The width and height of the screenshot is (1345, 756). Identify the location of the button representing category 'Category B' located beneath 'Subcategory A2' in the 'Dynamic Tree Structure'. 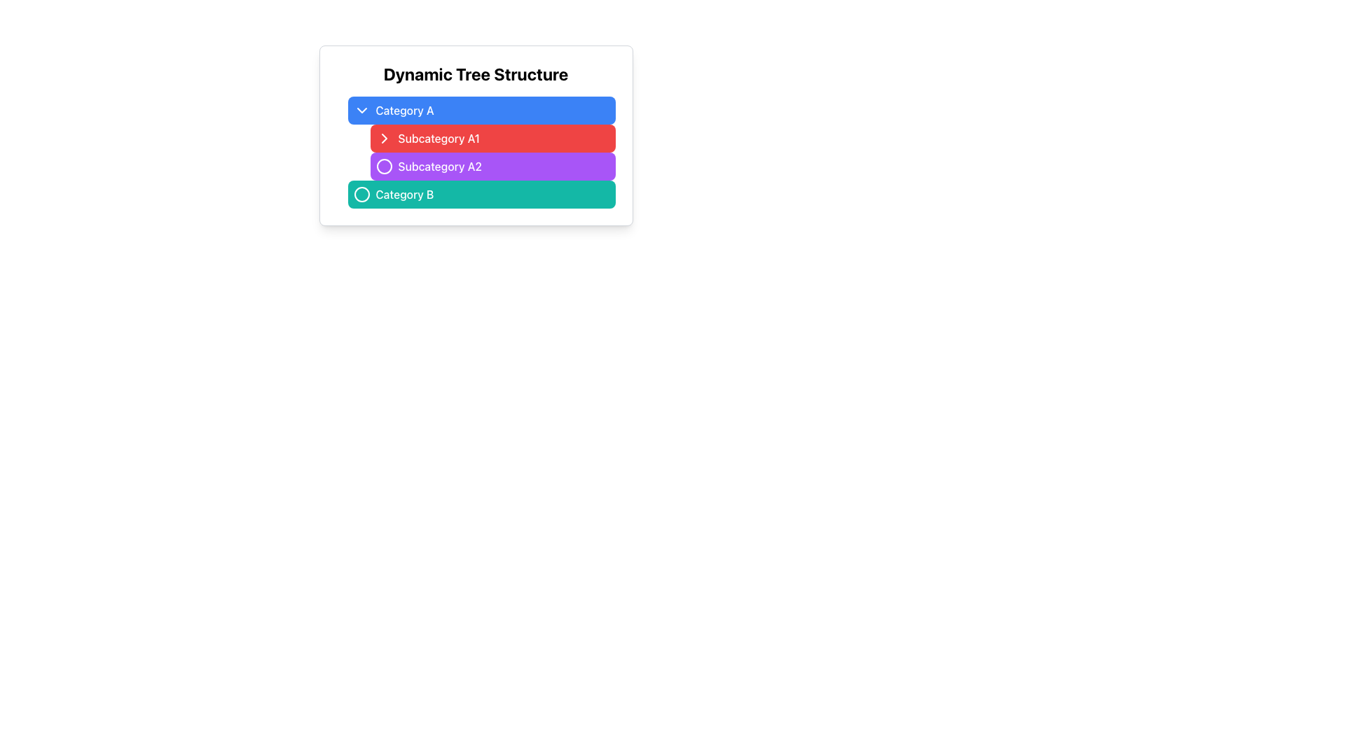
(481, 194).